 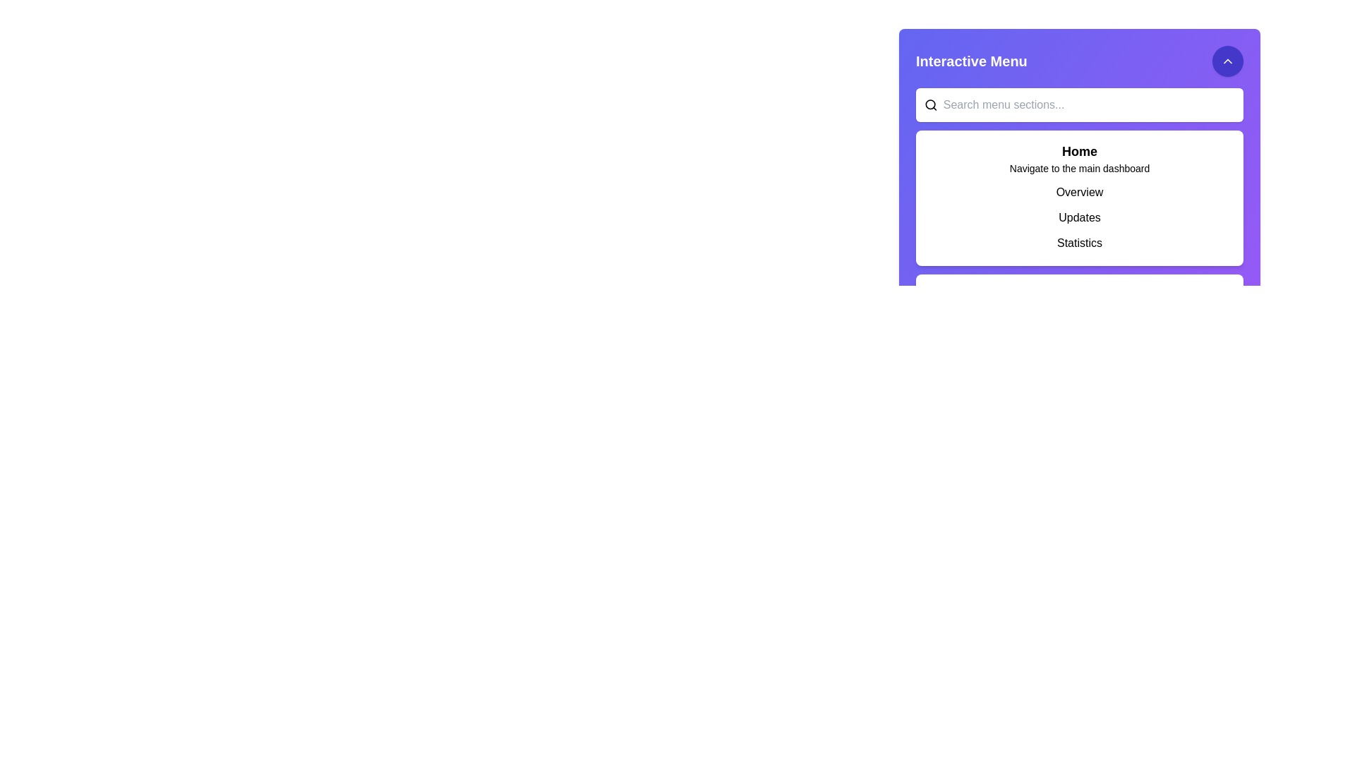 What do you see at coordinates (930, 104) in the screenshot?
I see `the circular SVG graphic that represents the search functionality for the input field labeled 'Search menu sections...'` at bounding box center [930, 104].